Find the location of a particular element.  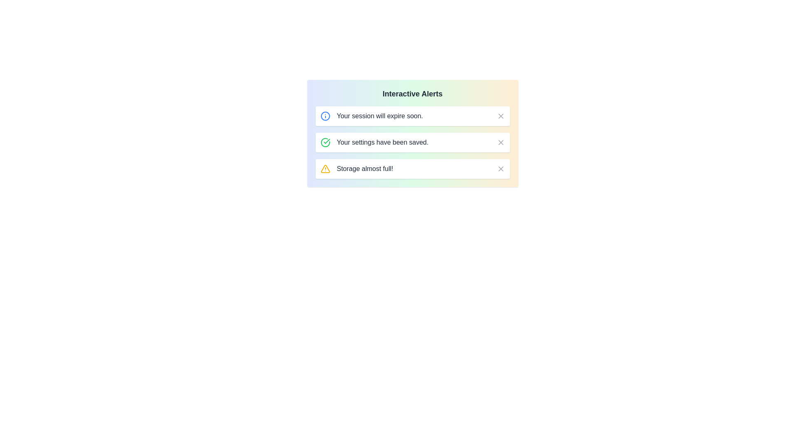

the success confirmation icon located as the second icon from the top in the notification panel, near the text 'Your settings have been saved.' is located at coordinates (325, 142).